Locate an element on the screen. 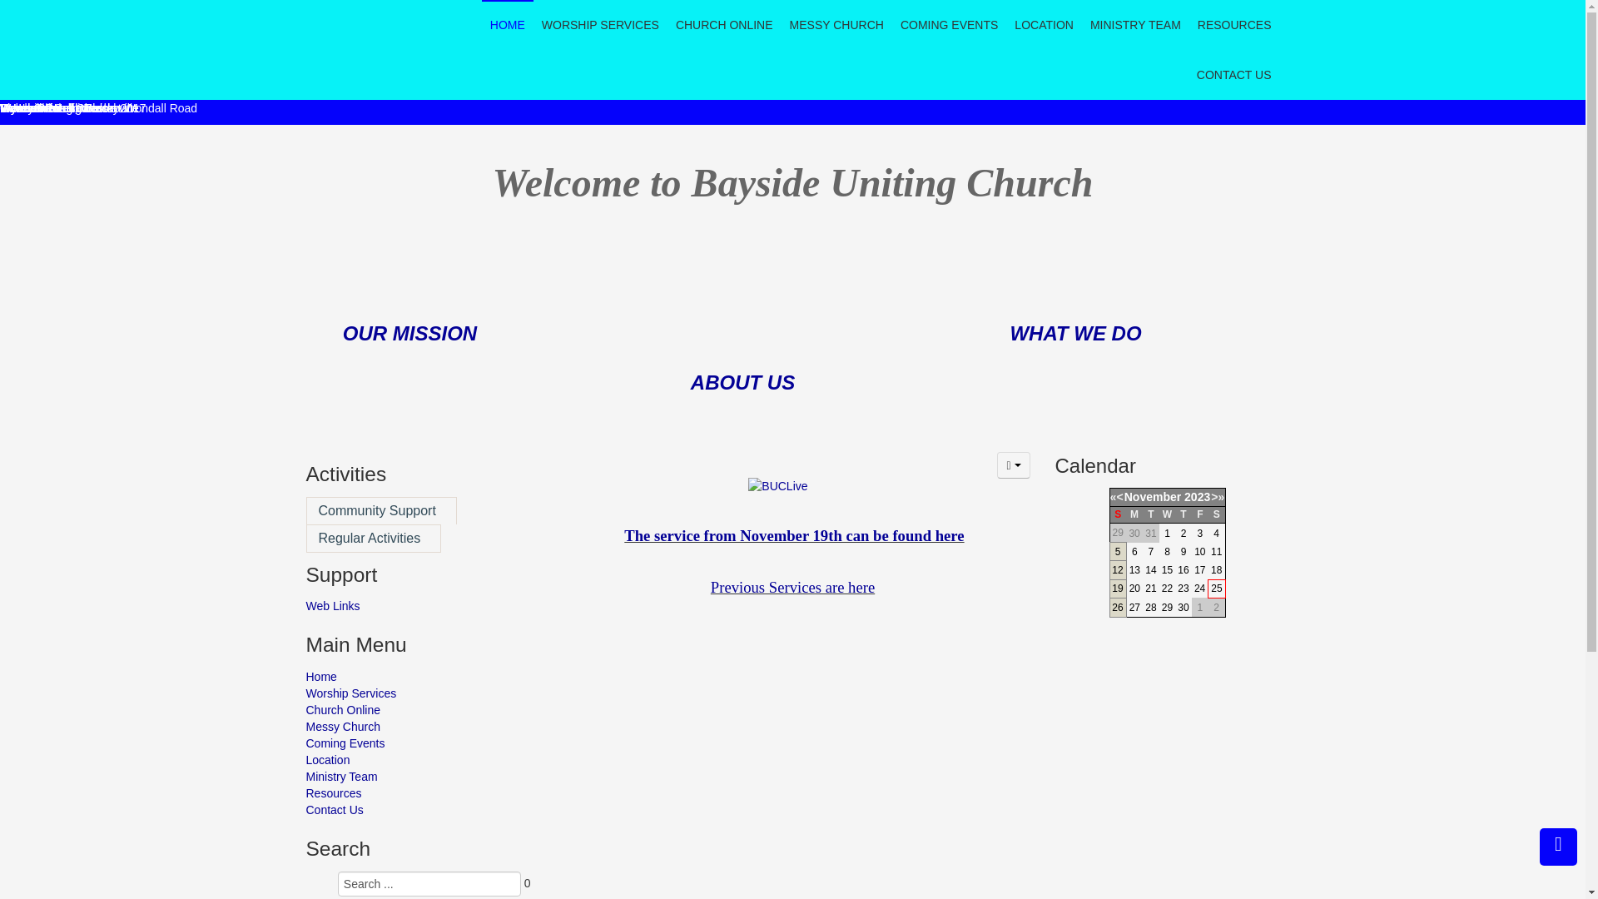 Image resolution: width=1598 pixels, height=899 pixels. 'Worship Services' is located at coordinates (419, 693).